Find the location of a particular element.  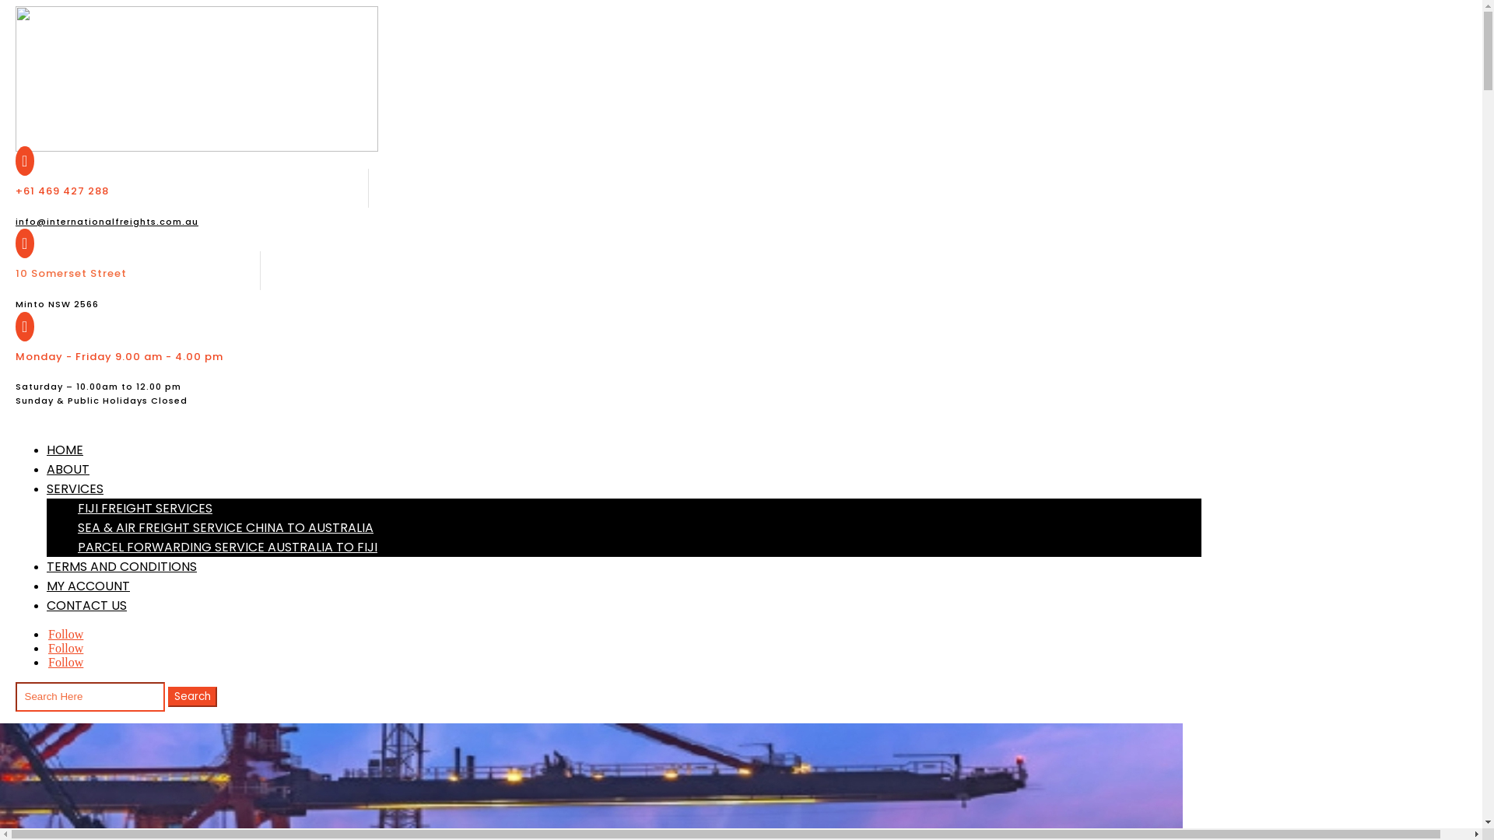

'SERVICES' is located at coordinates (46, 488).